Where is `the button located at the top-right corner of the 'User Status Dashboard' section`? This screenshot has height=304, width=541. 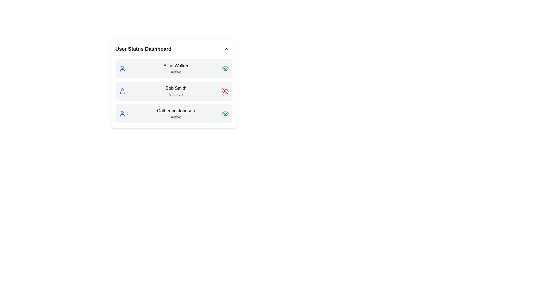
the button located at the top-right corner of the 'User Status Dashboard' section is located at coordinates (226, 48).